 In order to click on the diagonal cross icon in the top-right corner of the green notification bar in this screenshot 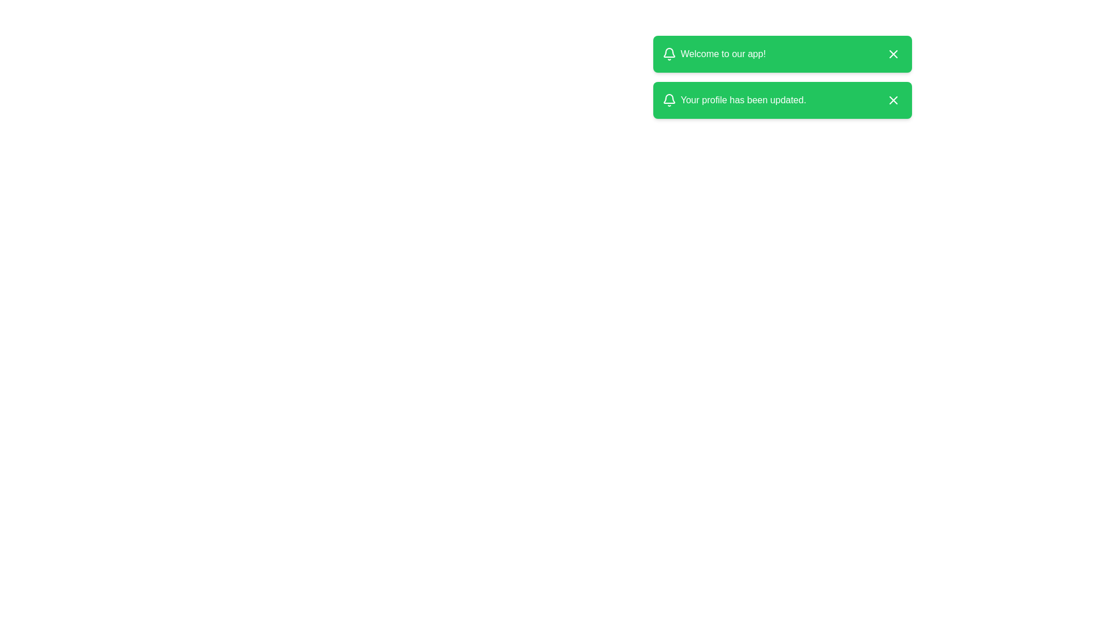, I will do `click(892, 54)`.